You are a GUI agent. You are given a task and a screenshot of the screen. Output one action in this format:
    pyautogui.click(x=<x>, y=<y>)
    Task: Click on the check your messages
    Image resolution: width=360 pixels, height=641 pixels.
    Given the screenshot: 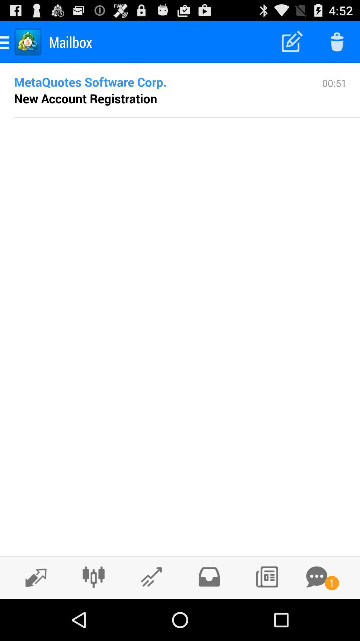 What is the action you would take?
    pyautogui.click(x=316, y=577)
    